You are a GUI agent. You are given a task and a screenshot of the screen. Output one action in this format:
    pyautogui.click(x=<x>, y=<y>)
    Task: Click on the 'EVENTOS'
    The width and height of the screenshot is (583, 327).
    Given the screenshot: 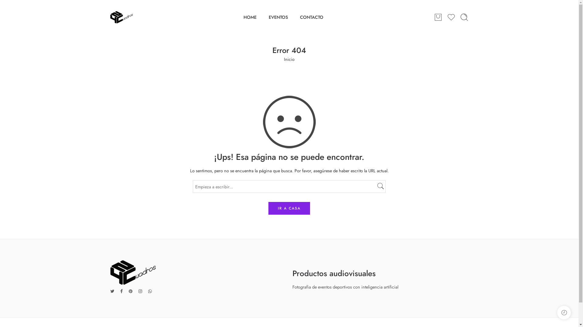 What is the action you would take?
    pyautogui.click(x=268, y=17)
    